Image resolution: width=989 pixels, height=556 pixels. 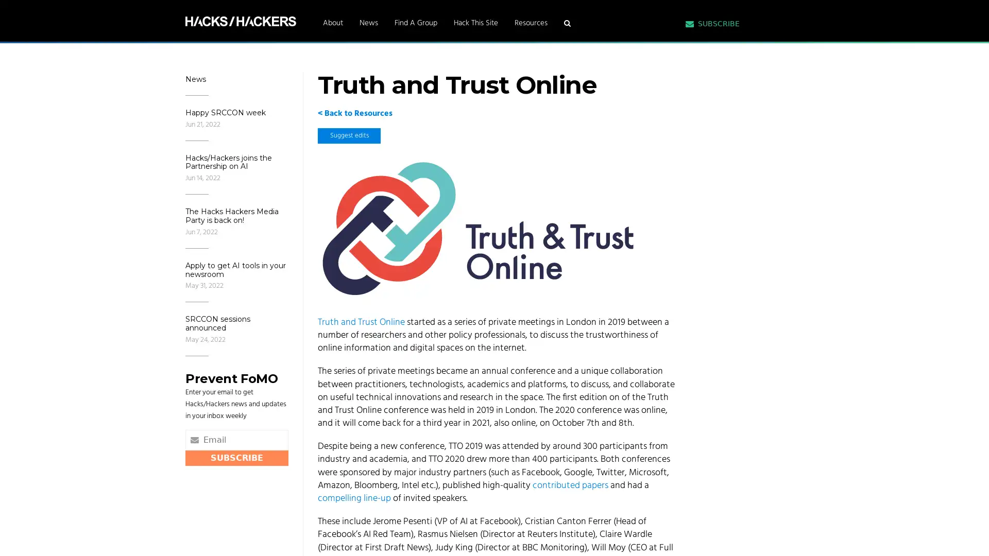 What do you see at coordinates (236, 457) in the screenshot?
I see `Subscribe` at bounding box center [236, 457].